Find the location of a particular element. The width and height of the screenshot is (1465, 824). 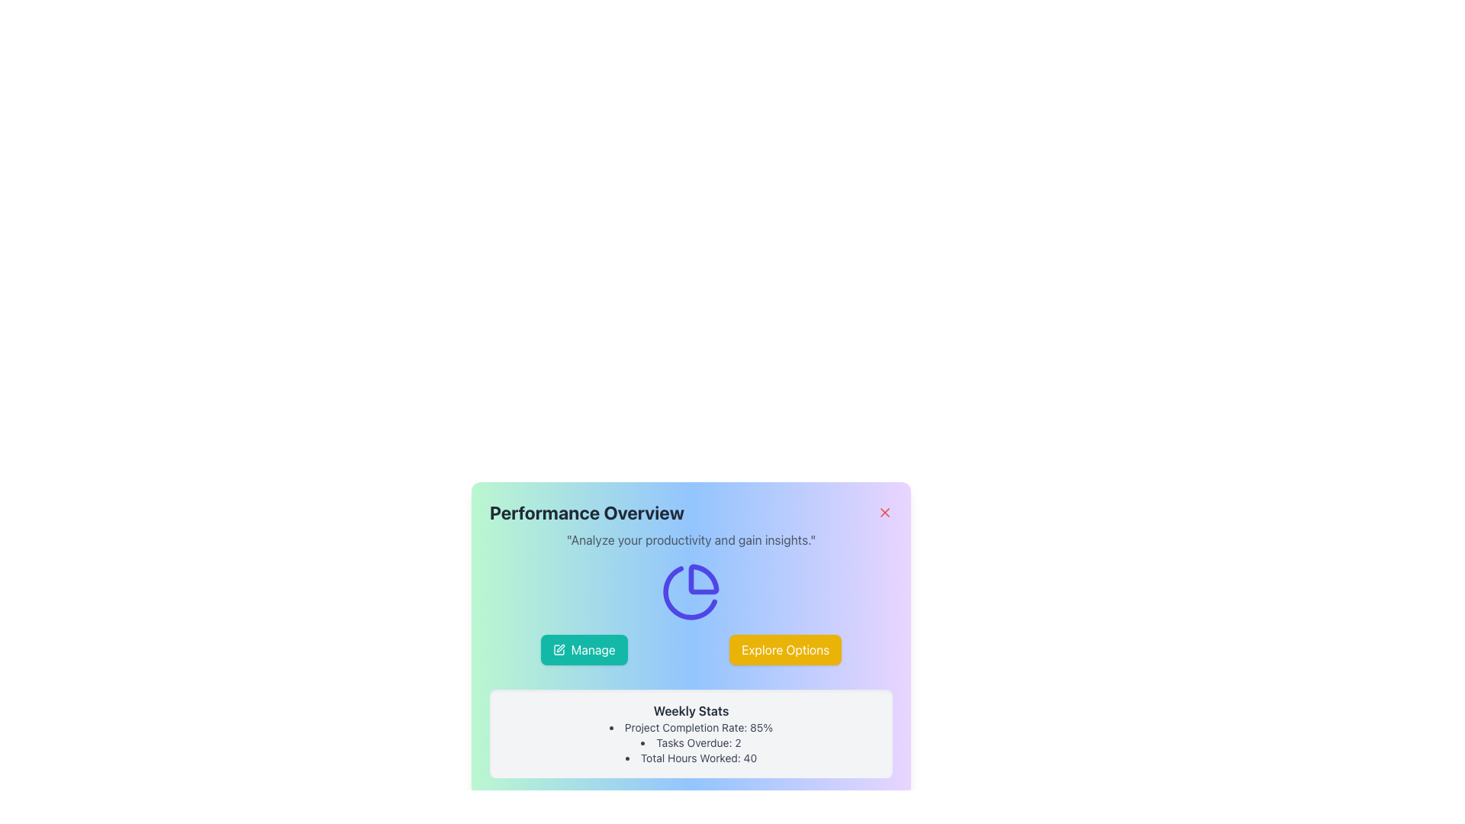

the pen icon located inside the 'Manage' button, which indicates editing or managing functionalities is located at coordinates (558, 650).